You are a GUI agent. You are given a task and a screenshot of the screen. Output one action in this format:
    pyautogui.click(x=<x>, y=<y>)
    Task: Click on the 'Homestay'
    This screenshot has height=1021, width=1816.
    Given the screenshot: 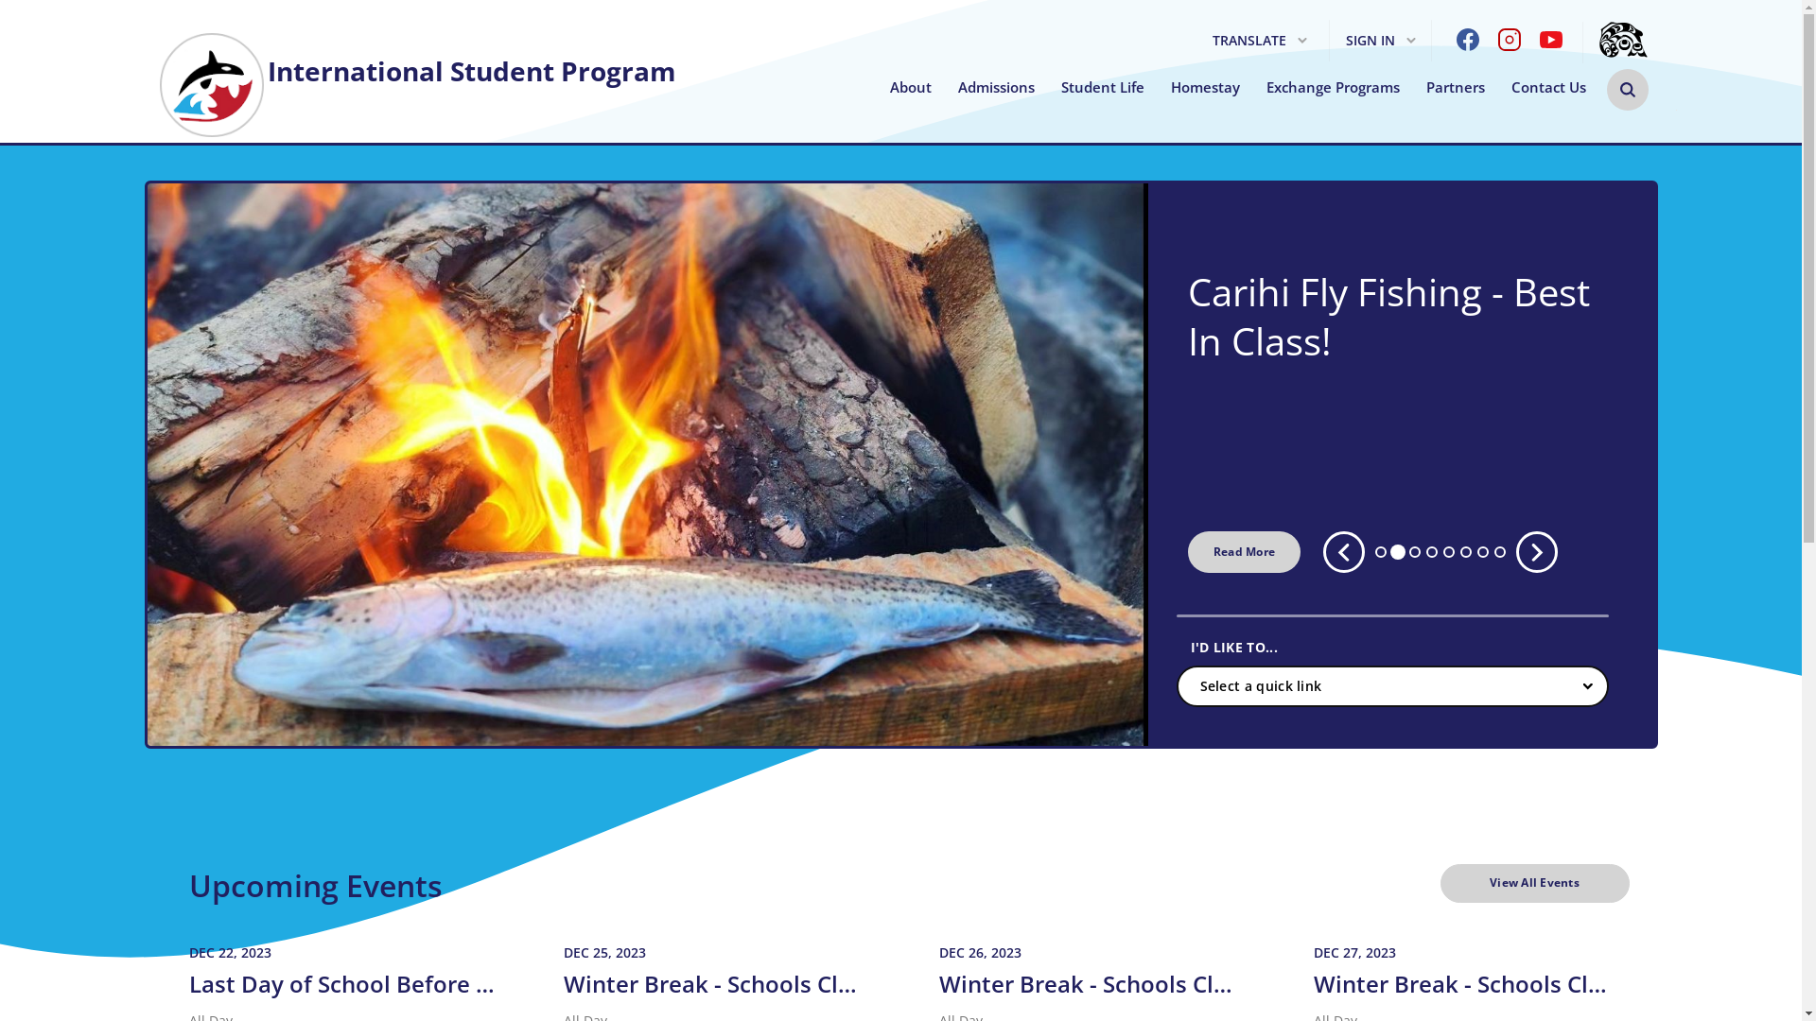 What is the action you would take?
    pyautogui.click(x=1170, y=87)
    